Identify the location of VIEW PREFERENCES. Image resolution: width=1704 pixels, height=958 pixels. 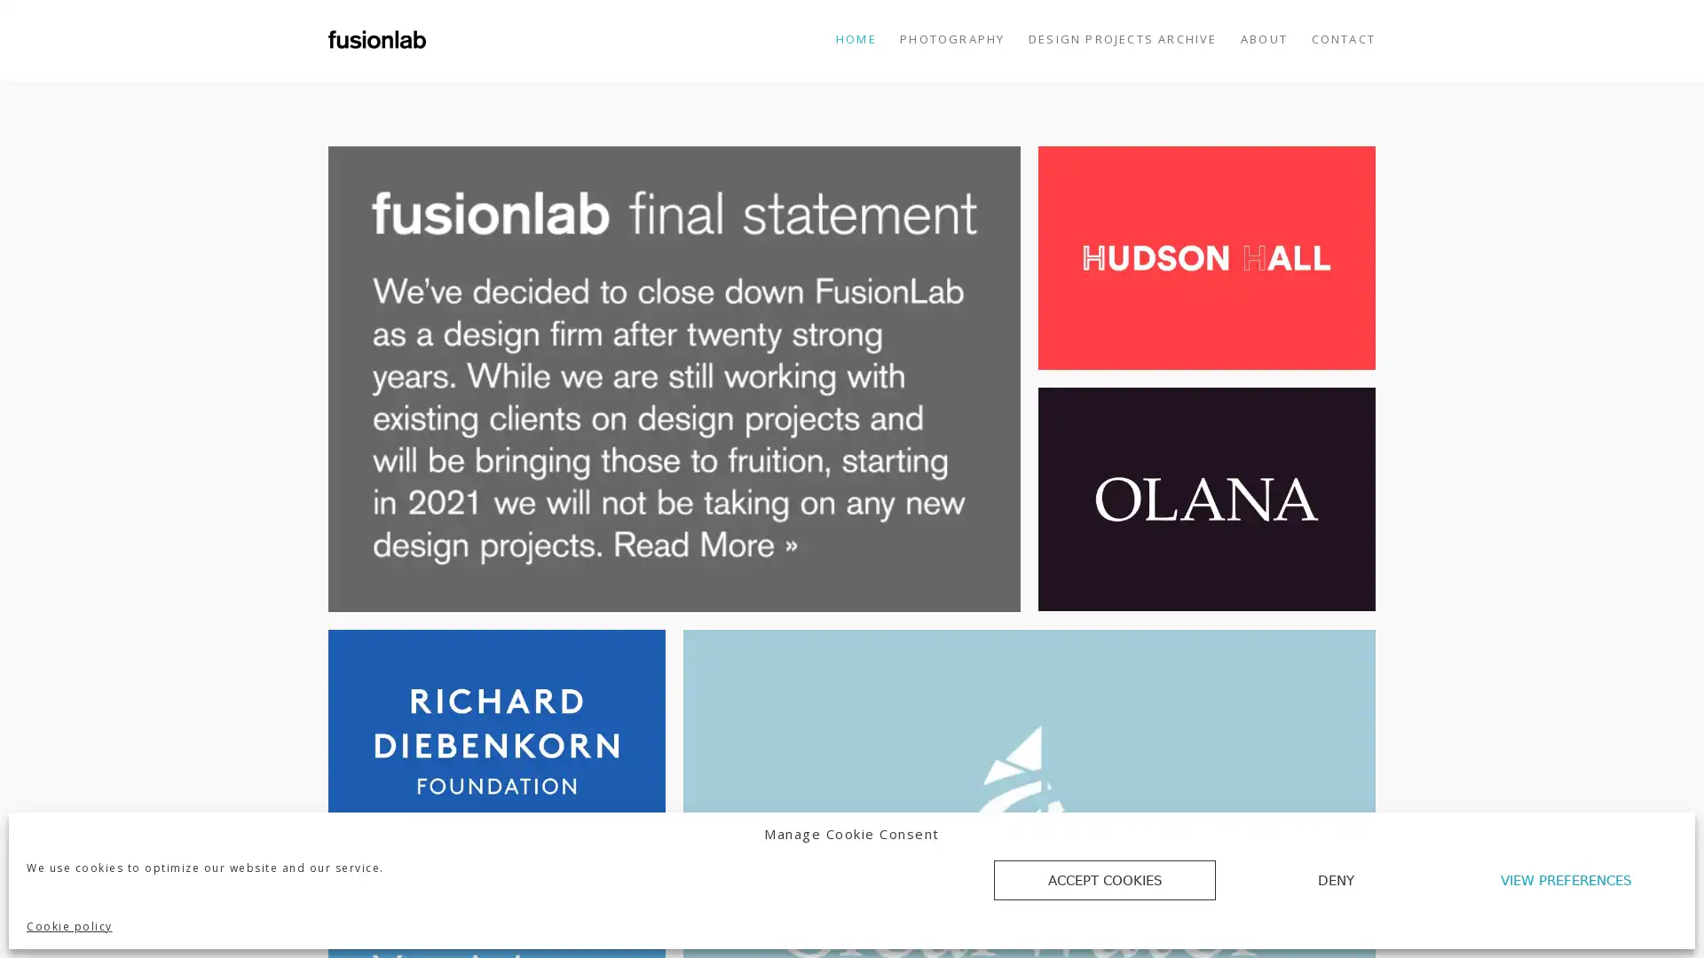
(1566, 880).